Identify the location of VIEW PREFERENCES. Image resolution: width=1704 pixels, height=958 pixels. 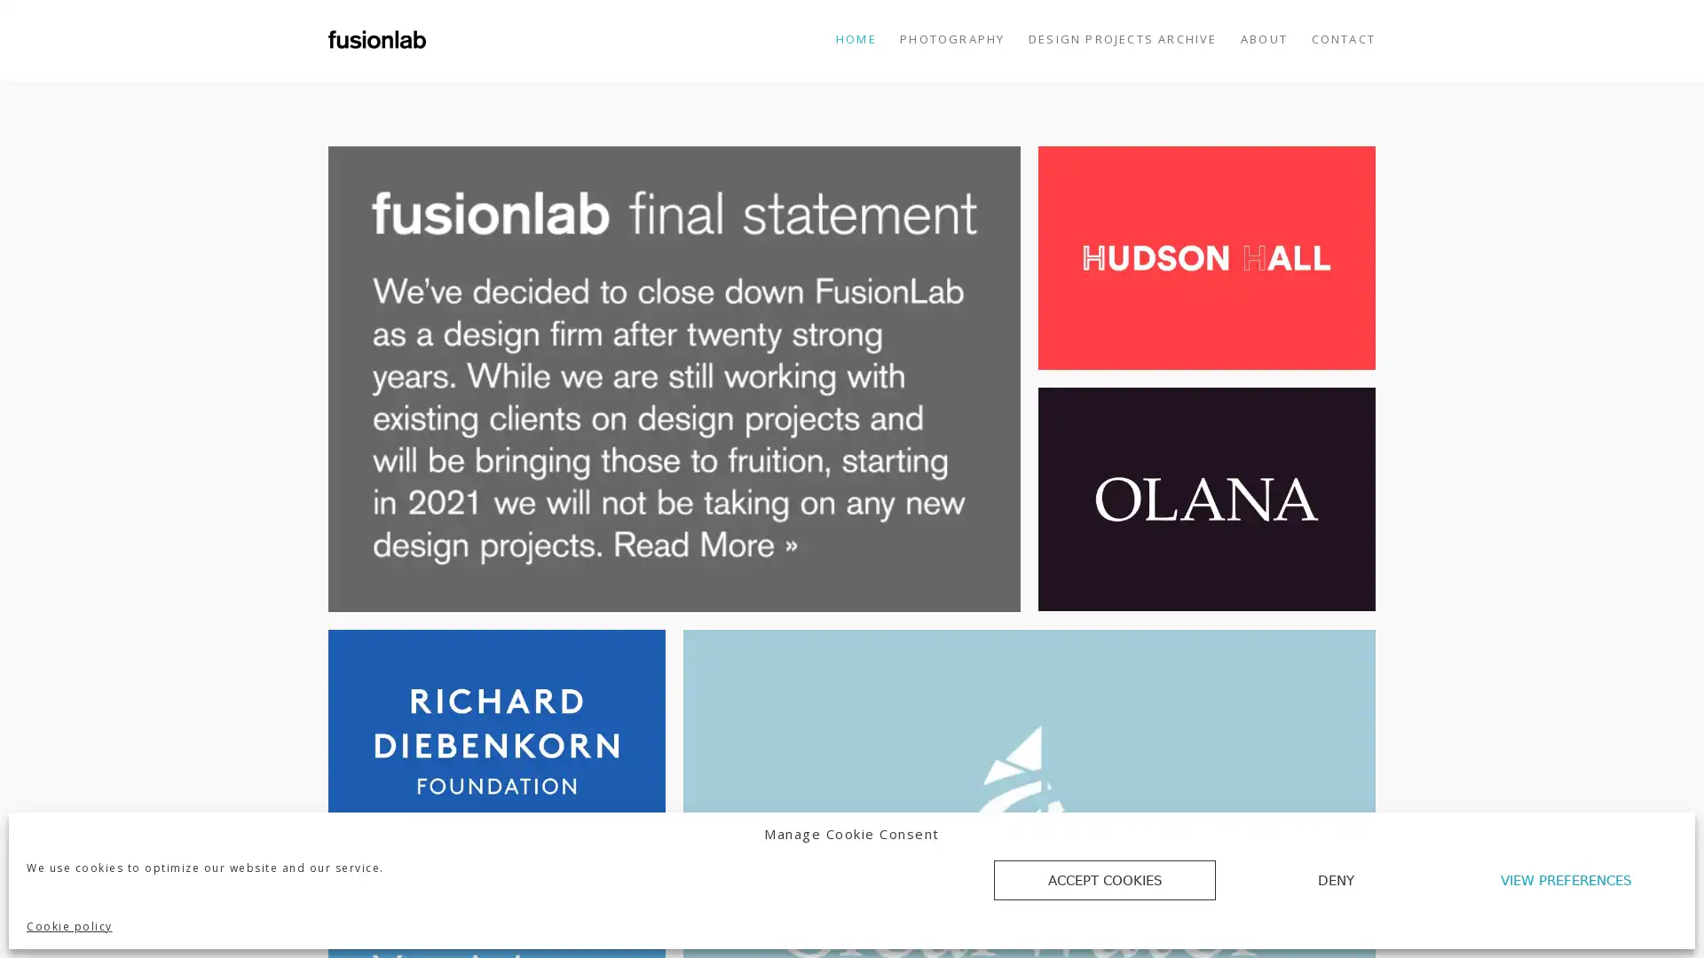
(1566, 880).